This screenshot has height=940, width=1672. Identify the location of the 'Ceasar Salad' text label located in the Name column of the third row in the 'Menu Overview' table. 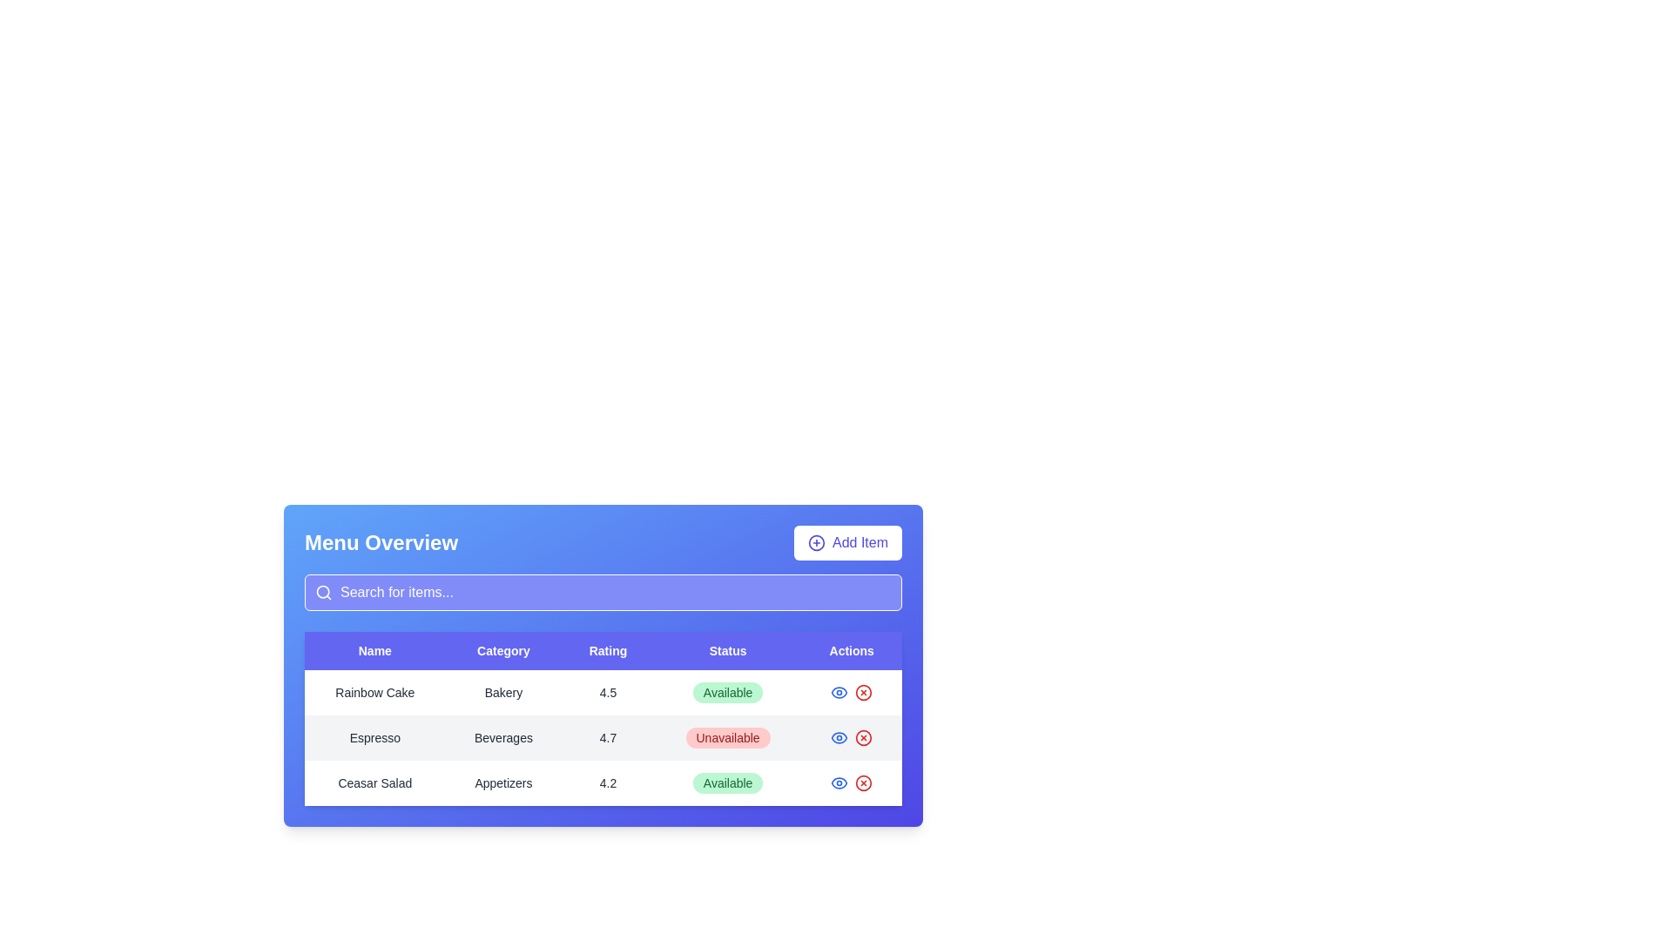
(374, 782).